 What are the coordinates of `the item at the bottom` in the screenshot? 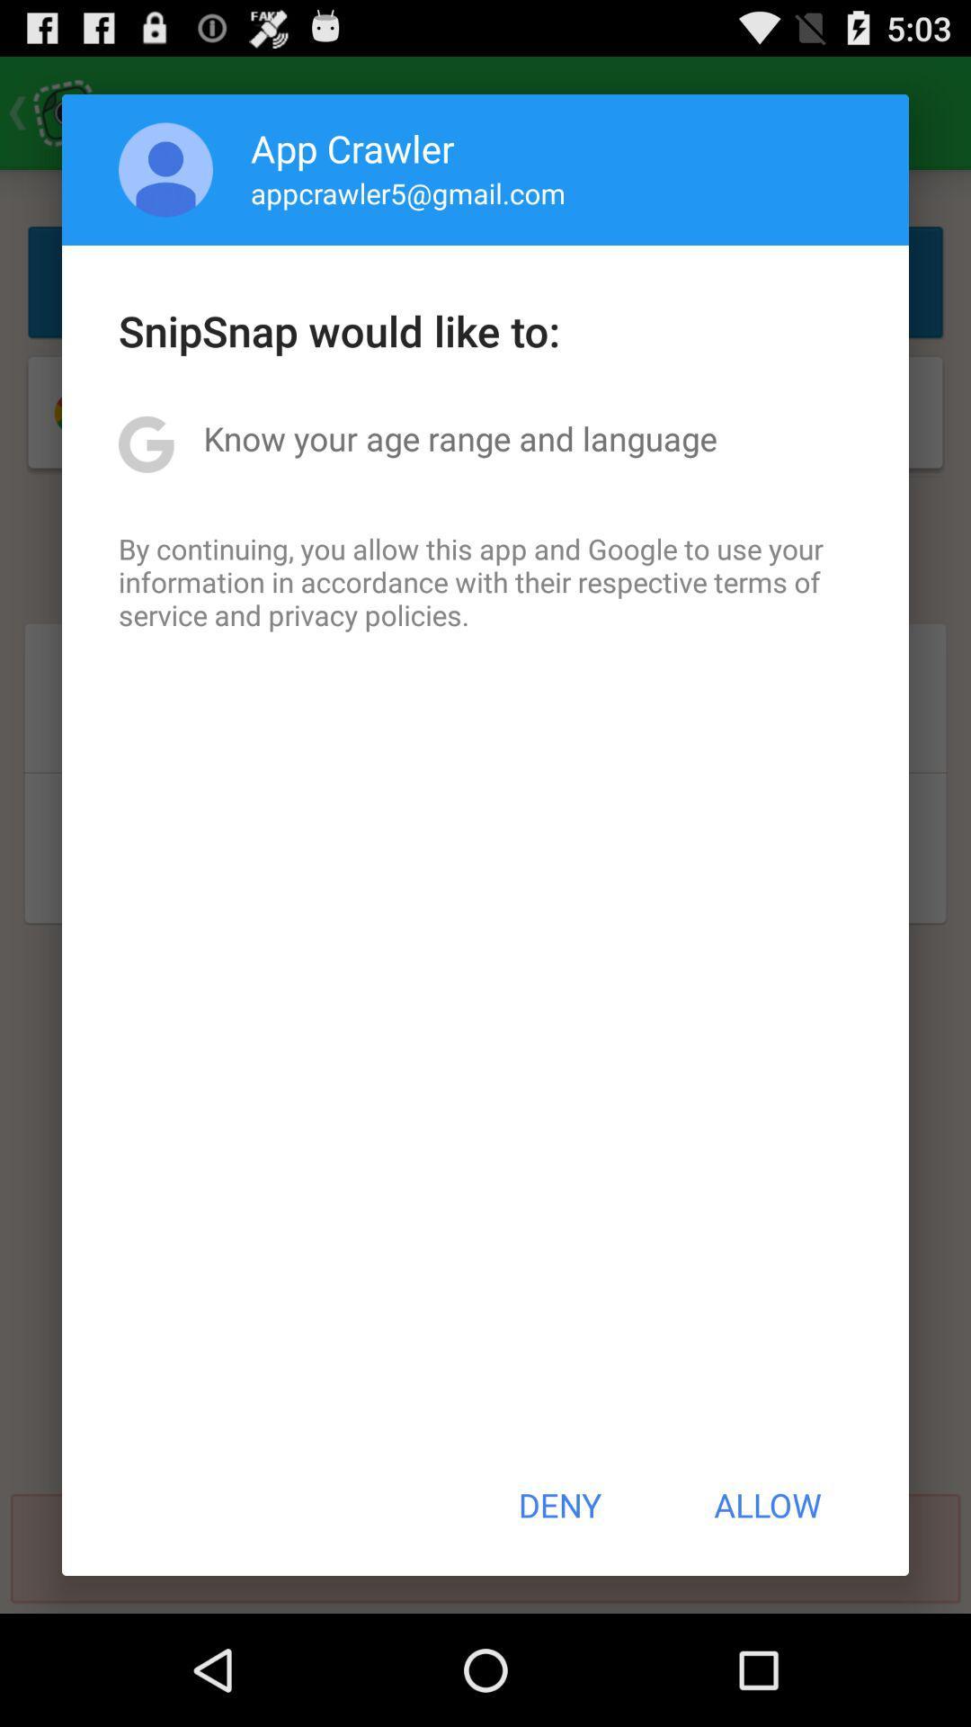 It's located at (558, 1505).